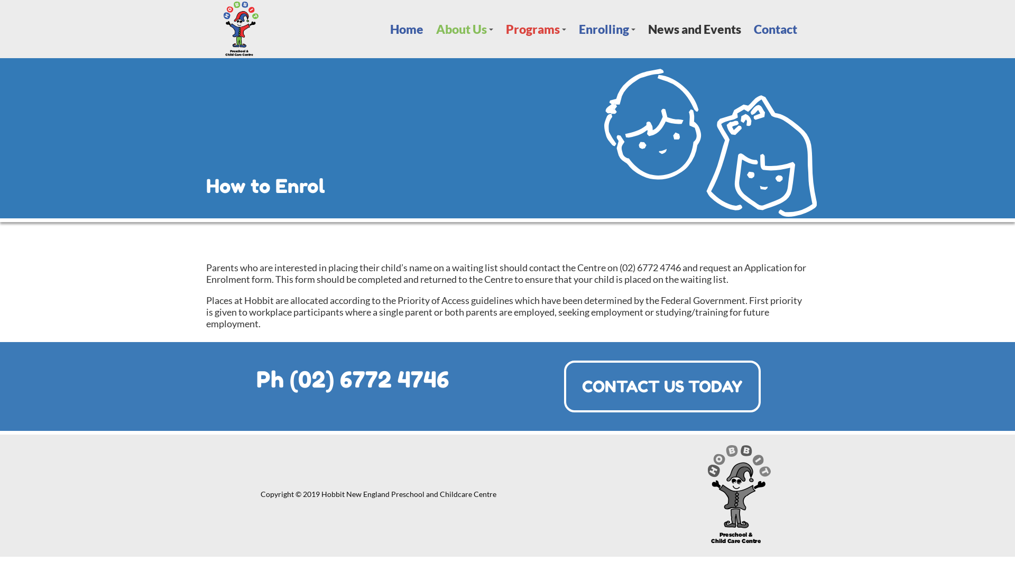 The width and height of the screenshot is (1015, 571). Describe the element at coordinates (747, 29) in the screenshot. I see `'Contact'` at that location.